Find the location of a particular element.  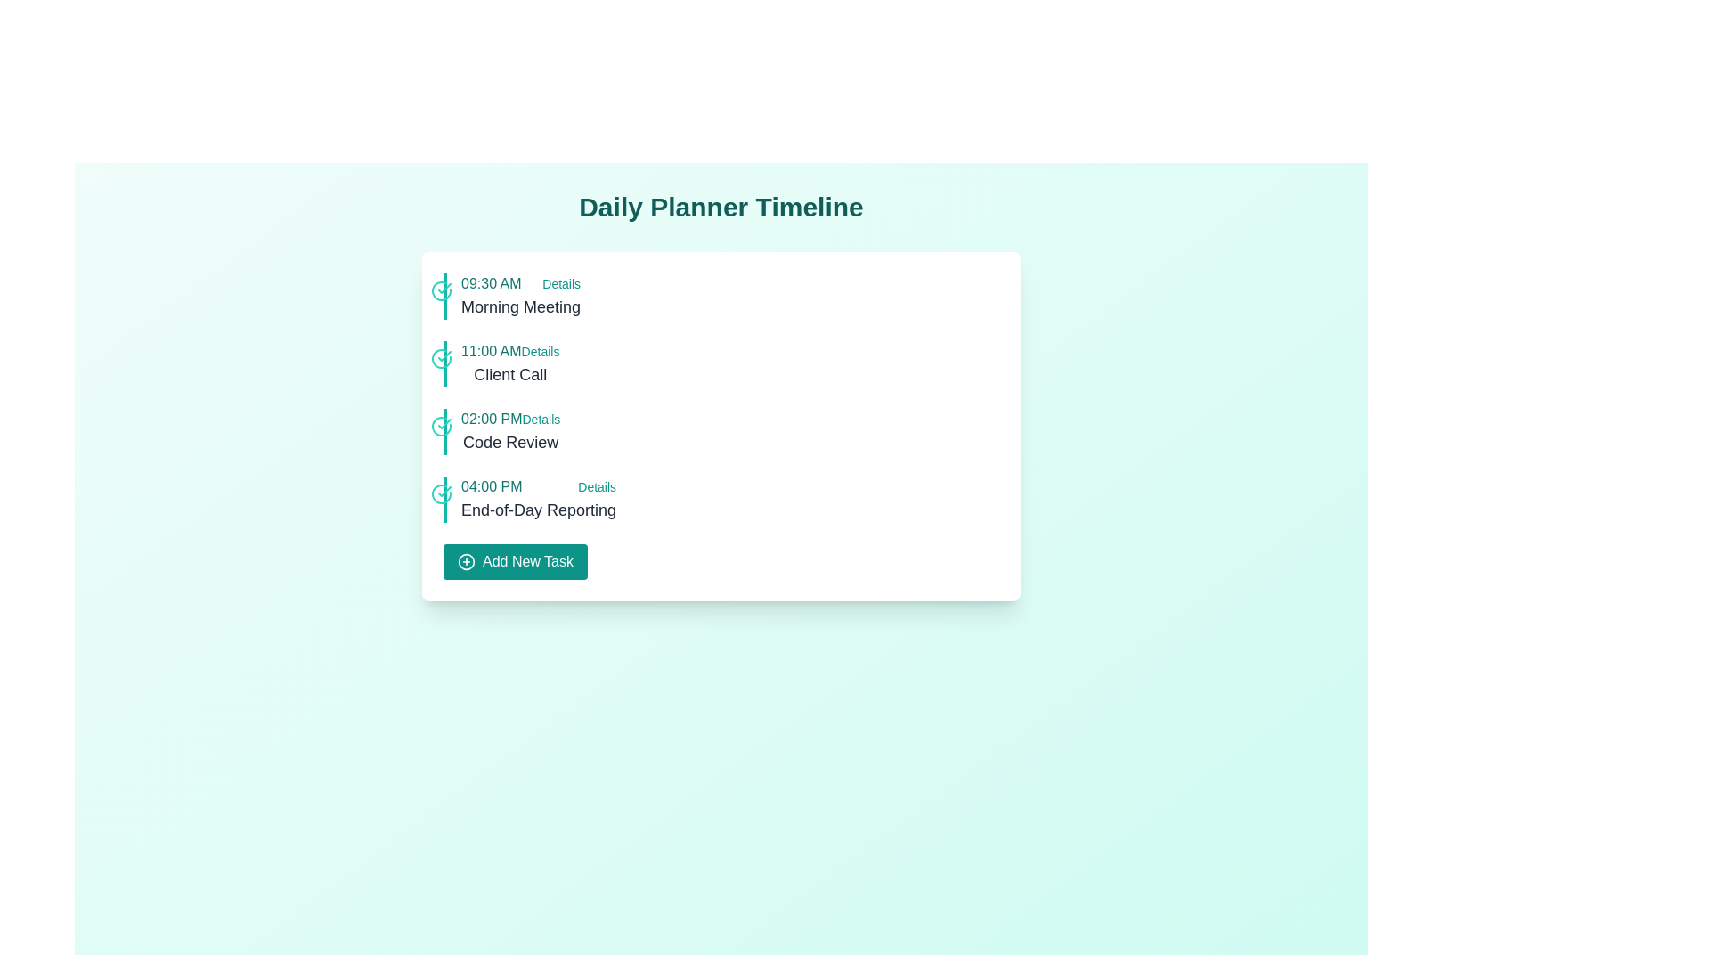

the rounded icon that signifies completion or approval for the '04:00 PM End-of-Day Reporting' timeline entry, which is the last entry in the timeline list is located at coordinates (444, 491).